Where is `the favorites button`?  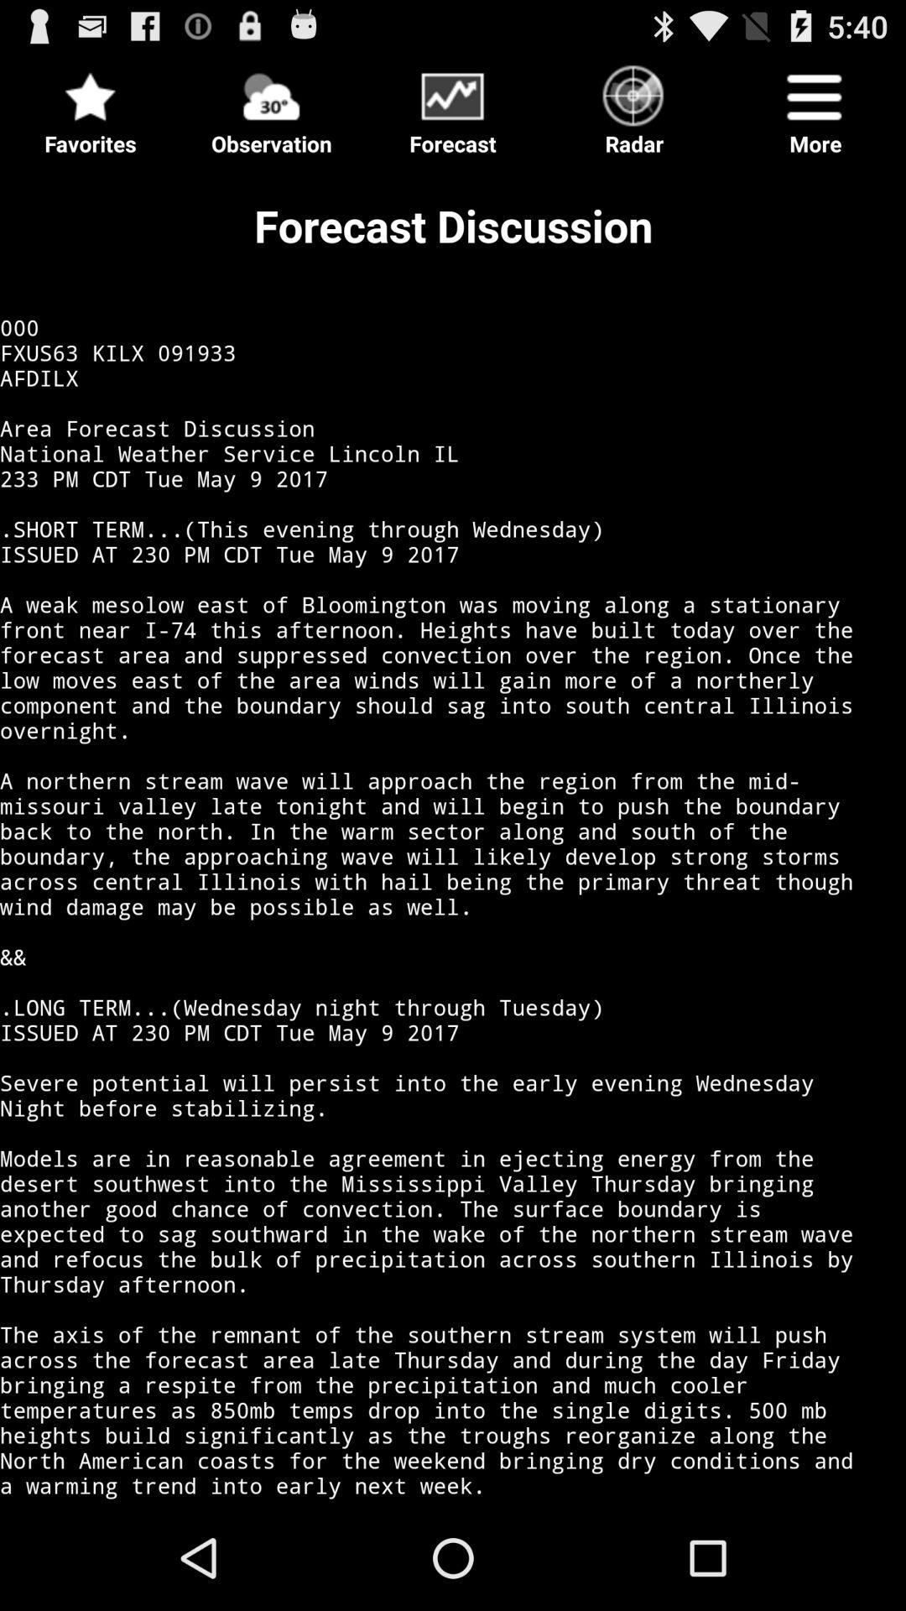
the favorites button is located at coordinates (91, 104).